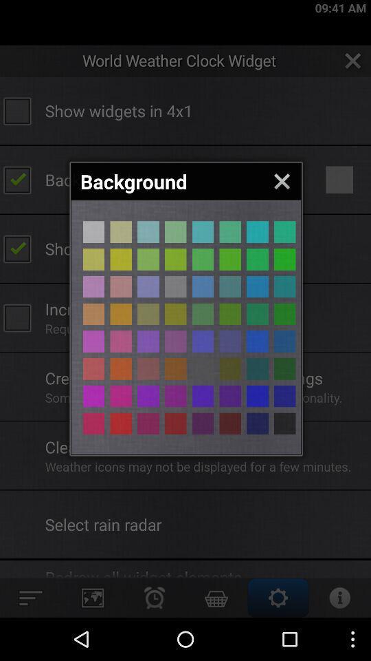 This screenshot has height=661, width=371. I want to click on different colors button, so click(230, 423).